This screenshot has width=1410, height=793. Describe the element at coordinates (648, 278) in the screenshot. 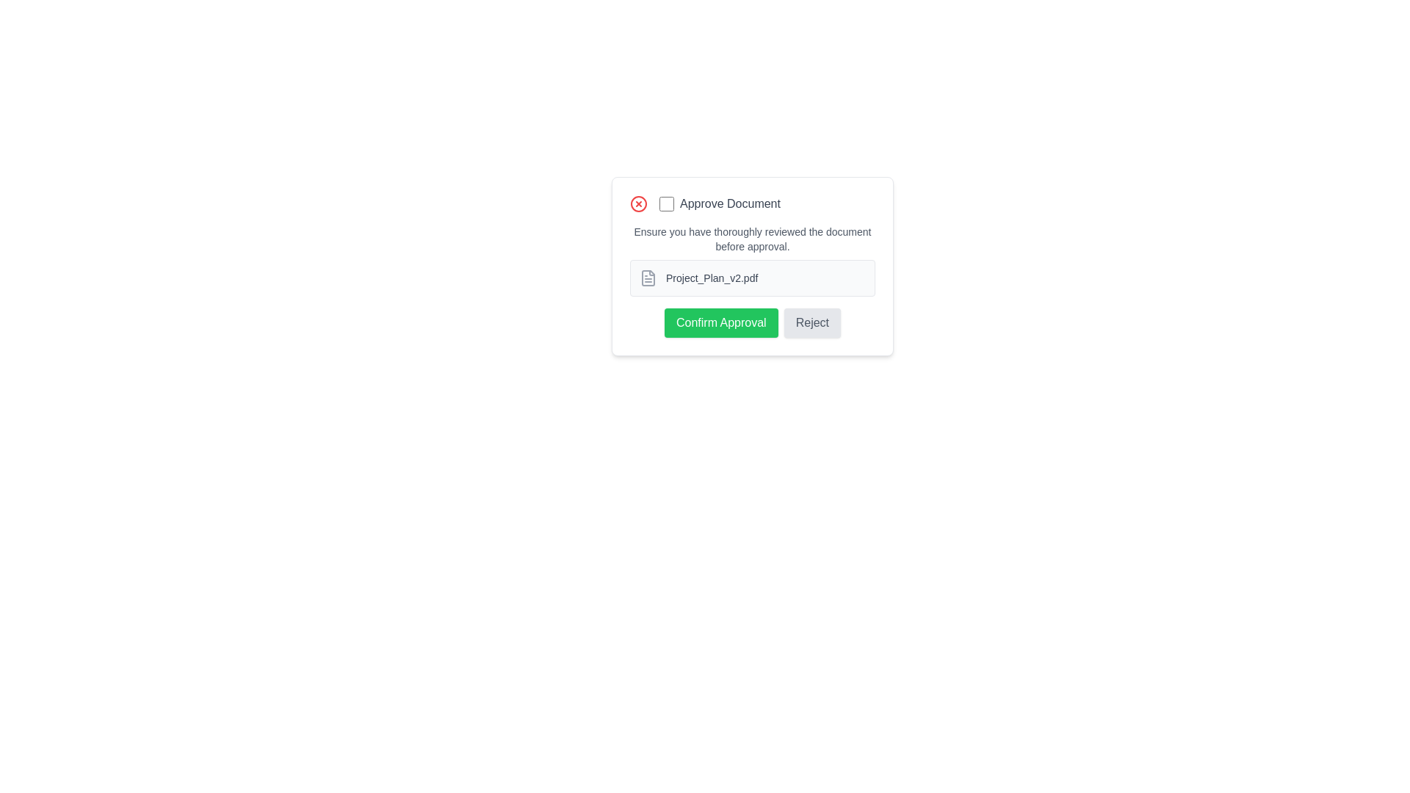

I see `the document icon for 'Project_Plan_v2.pdf' which is located on the left side of the label within the main dialog` at that location.